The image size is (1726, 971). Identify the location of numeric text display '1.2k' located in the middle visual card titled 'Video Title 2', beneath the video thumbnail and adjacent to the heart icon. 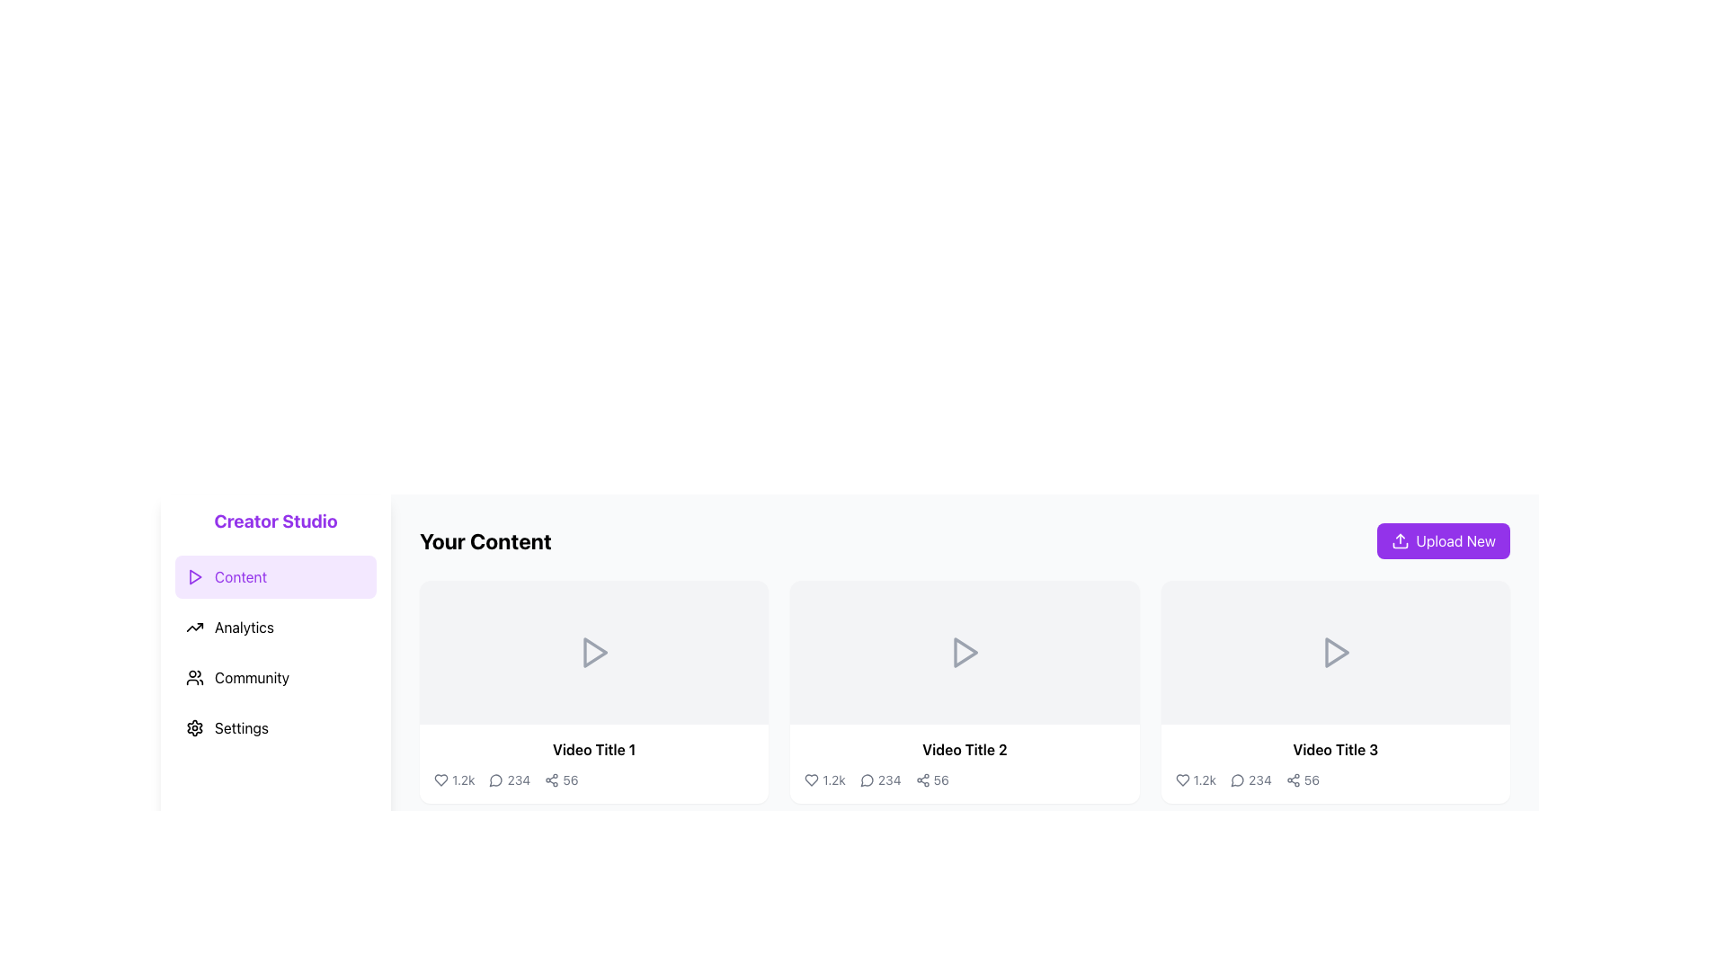
(833, 779).